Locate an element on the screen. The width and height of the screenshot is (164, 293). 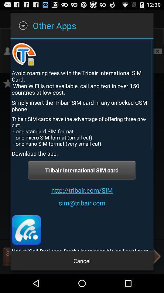
the icon above avoid roaming fees is located at coordinates (24, 53).